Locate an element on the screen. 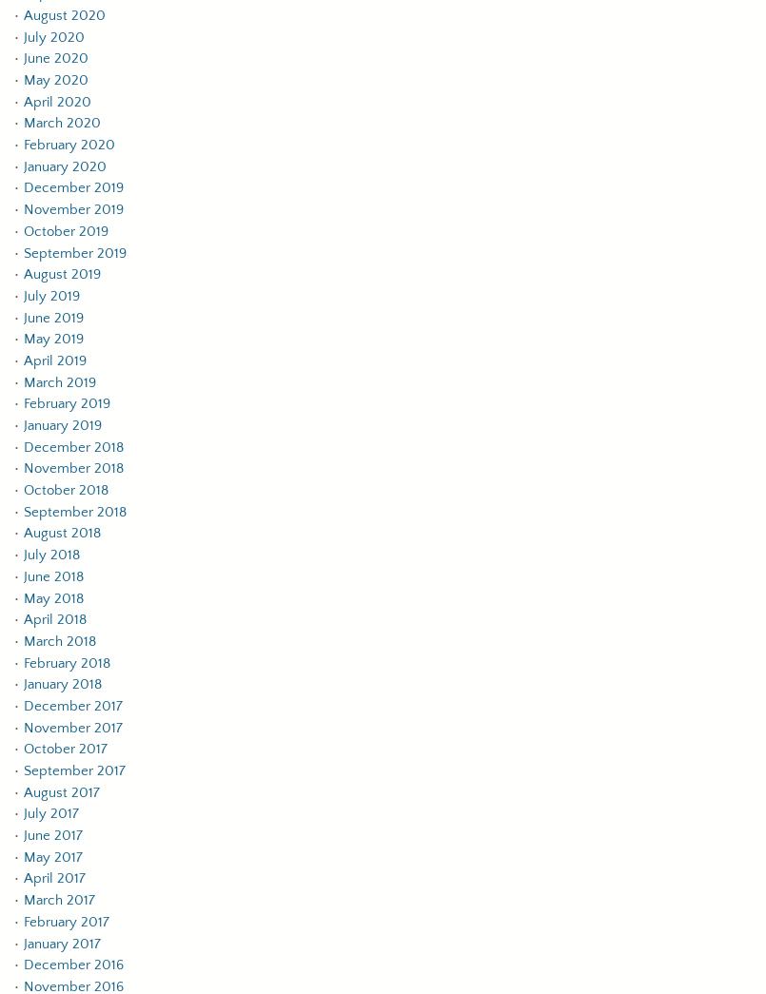 The height and width of the screenshot is (994, 766). 'February 2017' is located at coordinates (66, 920).